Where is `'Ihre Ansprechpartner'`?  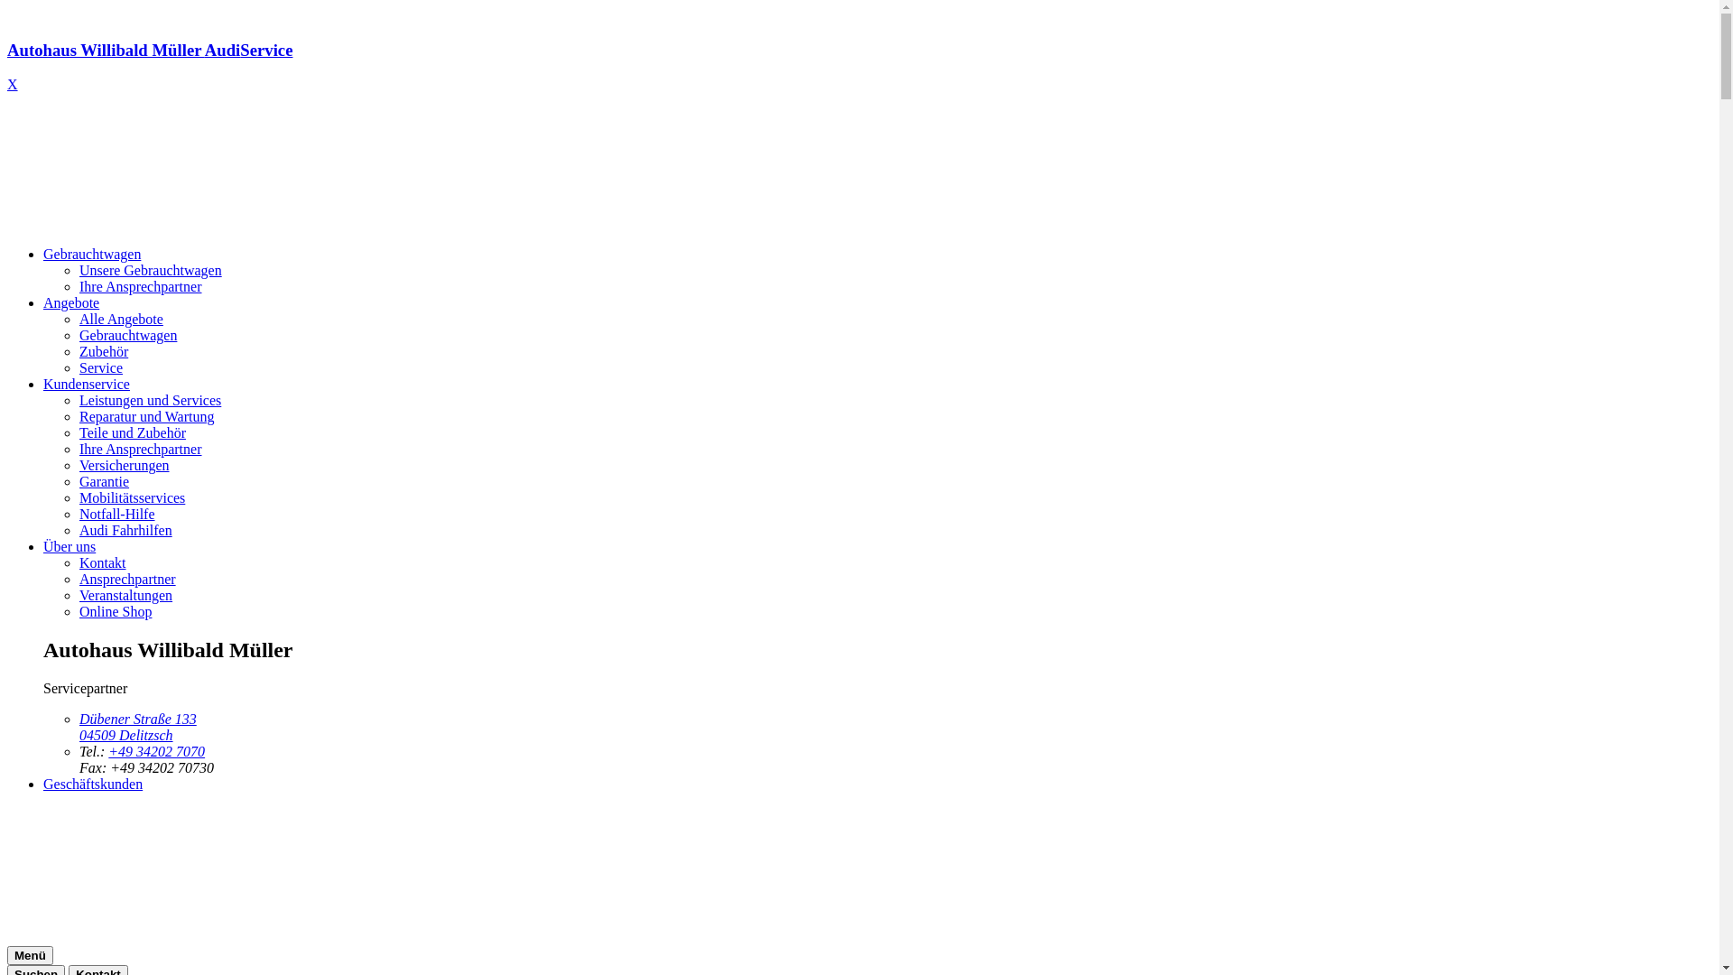
'Ihre Ansprechpartner' is located at coordinates (140, 448).